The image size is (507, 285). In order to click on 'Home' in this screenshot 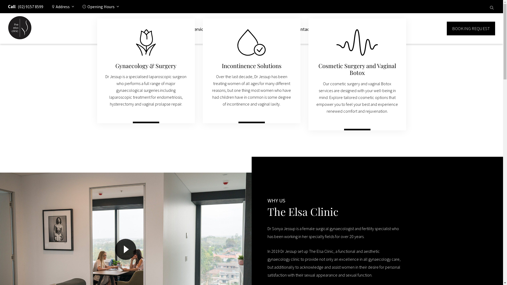, I will do `click(177, 28)`.